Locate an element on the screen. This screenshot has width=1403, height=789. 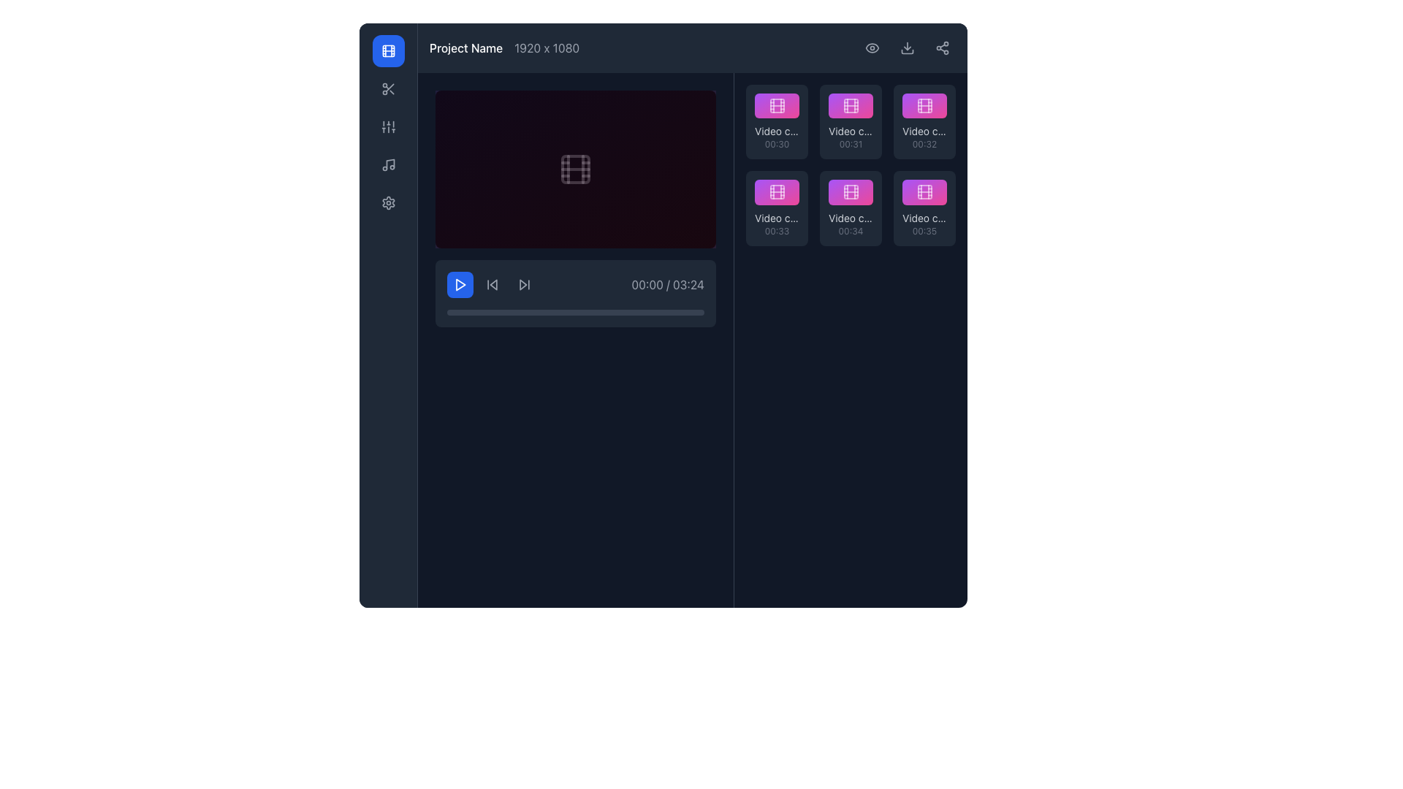
the vertical sidebar section with a dark-blue background that contains vertically aligned icons, located on the extreme left side of the interface is located at coordinates (389, 315).